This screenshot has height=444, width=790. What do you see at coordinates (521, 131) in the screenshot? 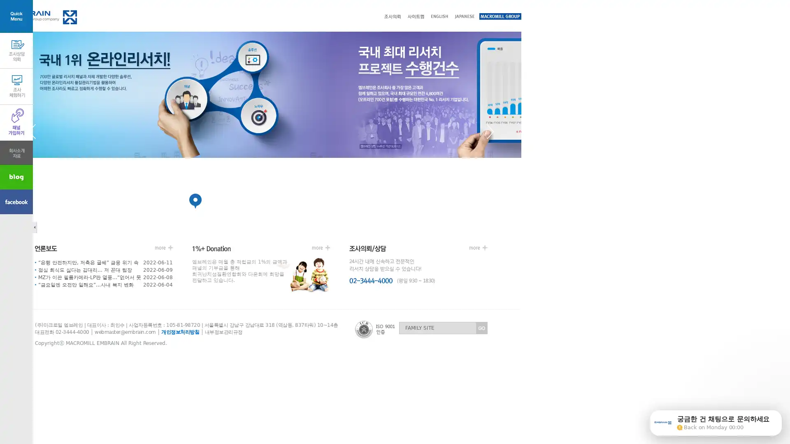
I see `Next` at bounding box center [521, 131].